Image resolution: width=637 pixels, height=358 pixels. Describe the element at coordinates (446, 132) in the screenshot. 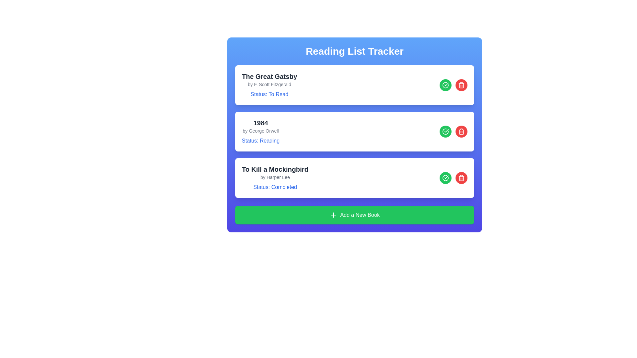

I see `the confirmation button adjacent to '1984 by George Orwell' in the 'Reading List Tracker' interface` at that location.